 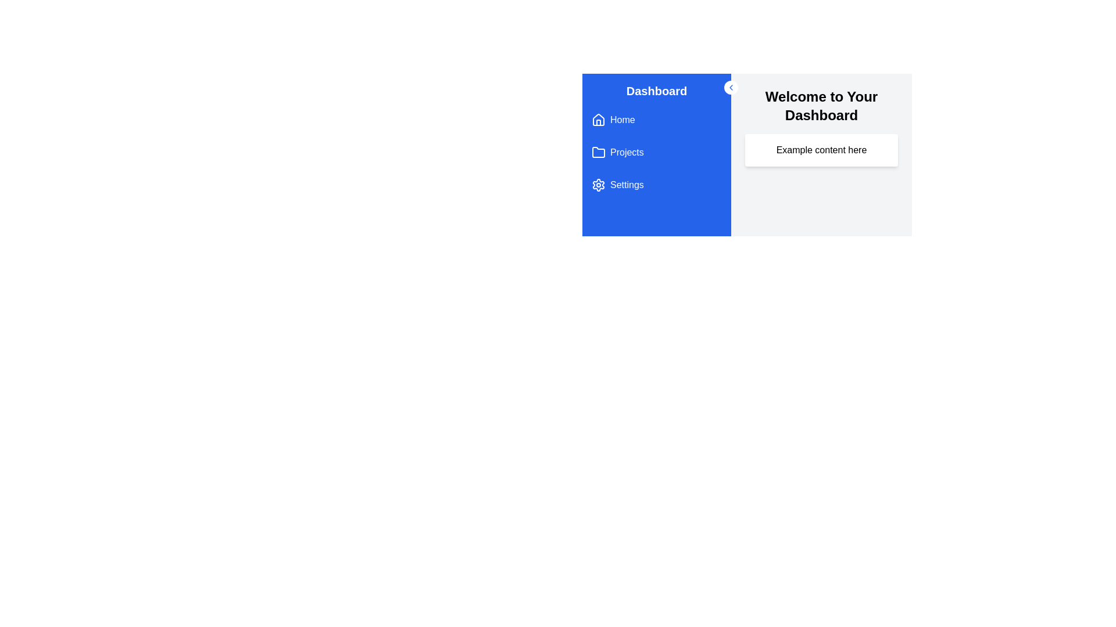 What do you see at coordinates (599, 185) in the screenshot?
I see `the gear-like icon located` at bounding box center [599, 185].